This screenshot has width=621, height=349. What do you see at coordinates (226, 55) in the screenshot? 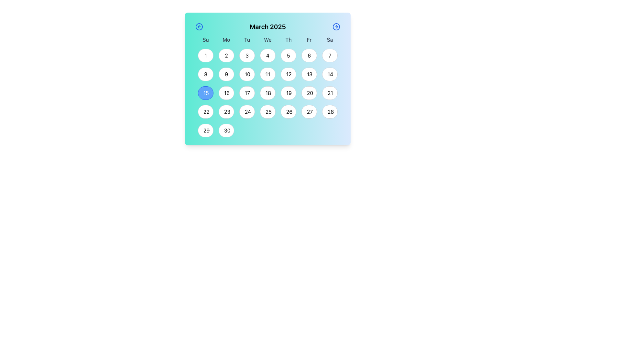
I see `the selectable day button in the calendar interface located under 'Mo' (Monday), which represents the second day of the month` at bounding box center [226, 55].